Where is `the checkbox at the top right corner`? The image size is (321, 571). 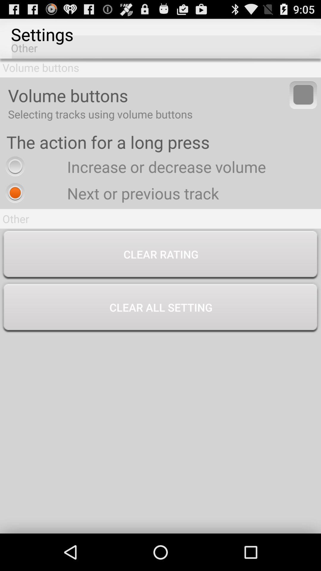
the checkbox at the top right corner is located at coordinates (303, 95).